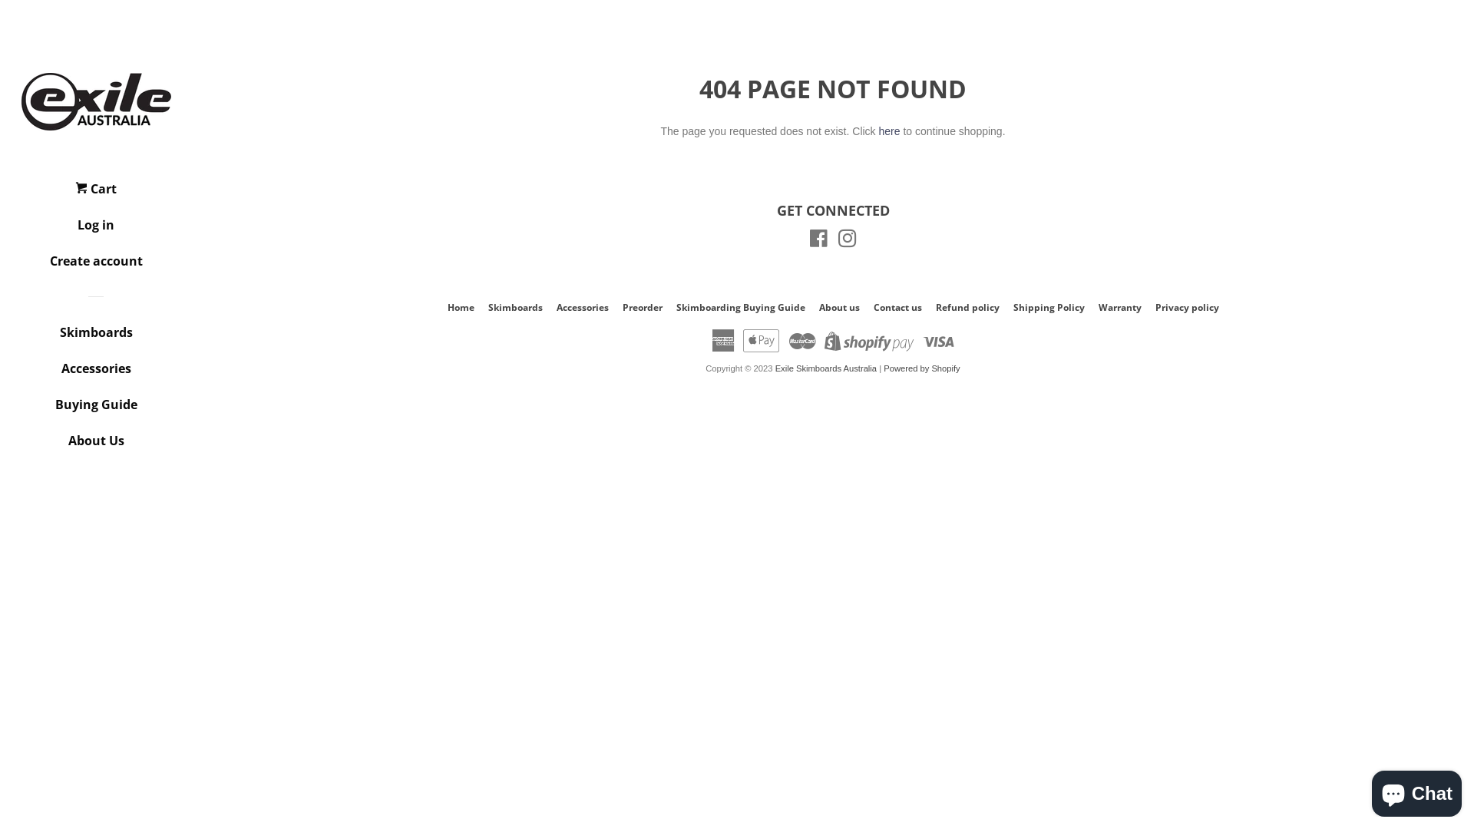 Image resolution: width=1474 pixels, height=829 pixels. What do you see at coordinates (1423, 101) in the screenshot?
I see `'Close'` at bounding box center [1423, 101].